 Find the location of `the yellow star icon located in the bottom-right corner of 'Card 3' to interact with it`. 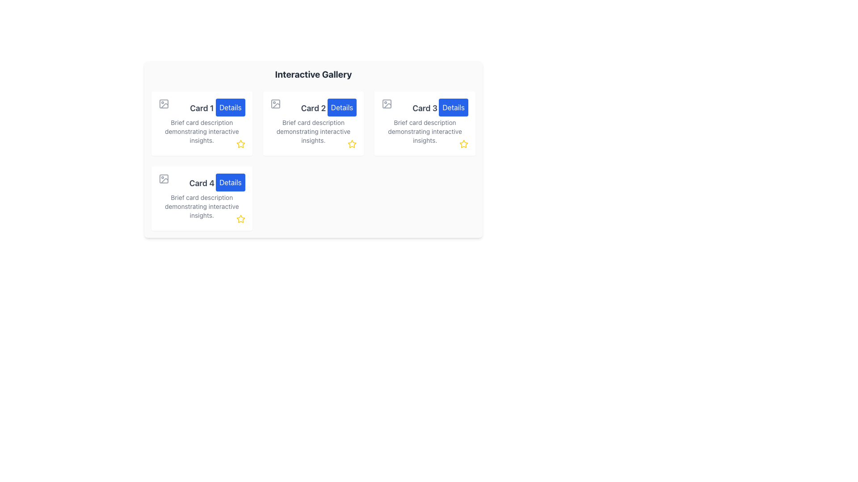

the yellow star icon located in the bottom-right corner of 'Card 3' to interact with it is located at coordinates (463, 144).